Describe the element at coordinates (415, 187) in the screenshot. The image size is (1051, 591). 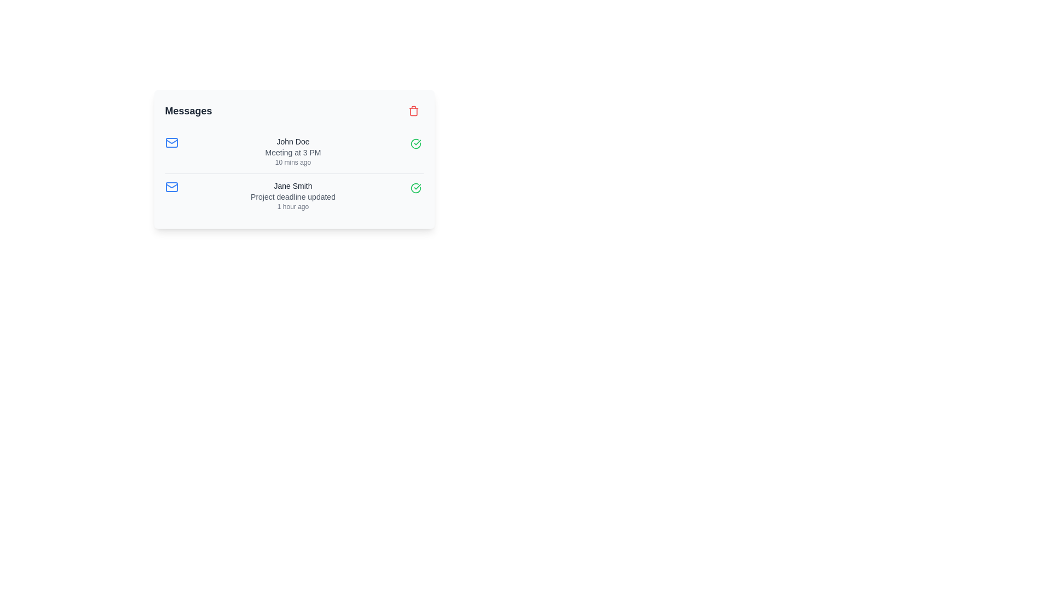
I see `the circular green bordered icon with a bold checkmark inside, located to the far right of the message entry for 'John Doe' in the 'Messages' list` at that location.